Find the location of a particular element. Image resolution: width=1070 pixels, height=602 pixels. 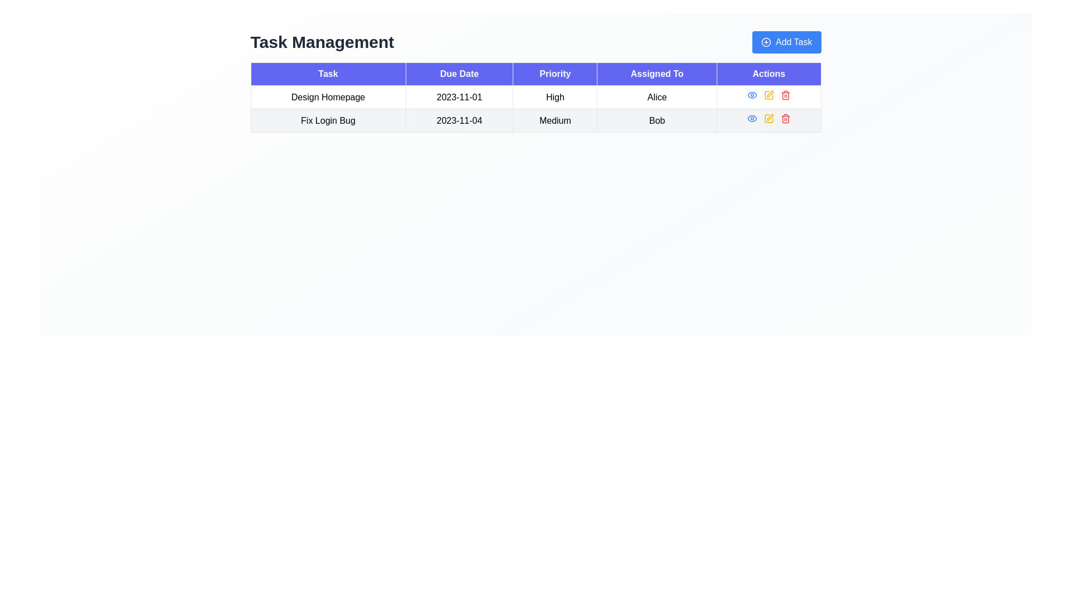

the Table Header Cell labeled 'Priority' which is the third column in the header row of the table is located at coordinates (555, 74).